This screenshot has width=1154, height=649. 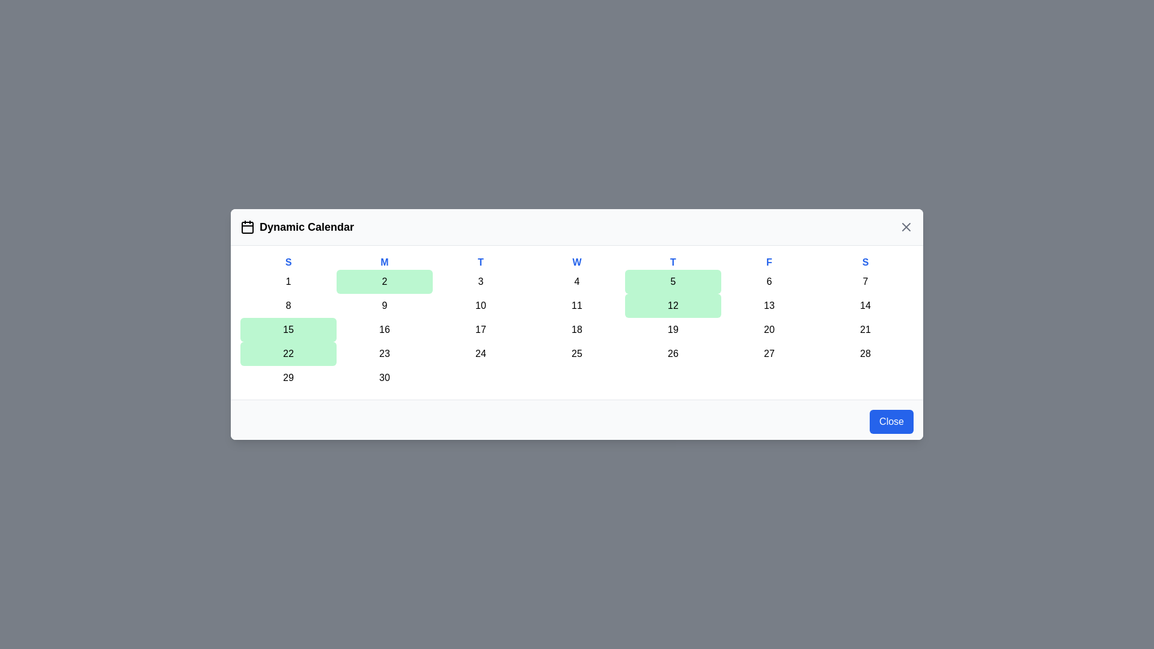 I want to click on the day cell corresponding to 15, so click(x=288, y=329).